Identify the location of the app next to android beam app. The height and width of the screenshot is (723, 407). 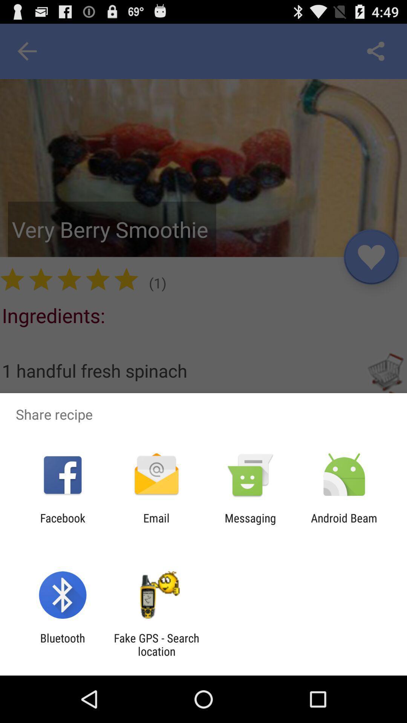
(250, 524).